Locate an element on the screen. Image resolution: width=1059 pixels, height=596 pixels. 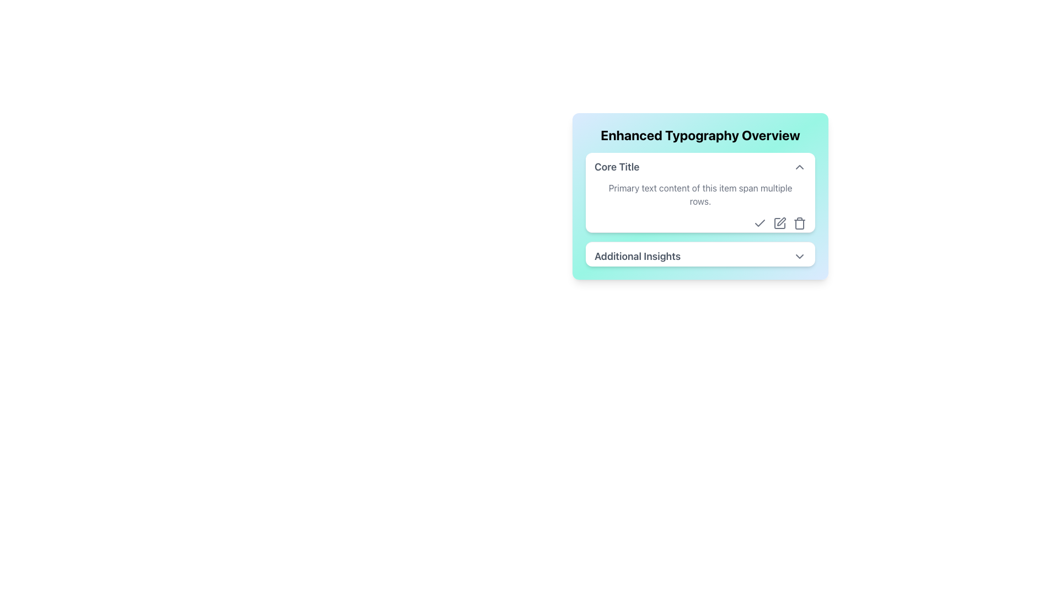
the edit button, which is a square icon with a pencil overlay located in the bottom-right corner of the card, between a green hover icon and a red hover icon is located at coordinates (779, 223).